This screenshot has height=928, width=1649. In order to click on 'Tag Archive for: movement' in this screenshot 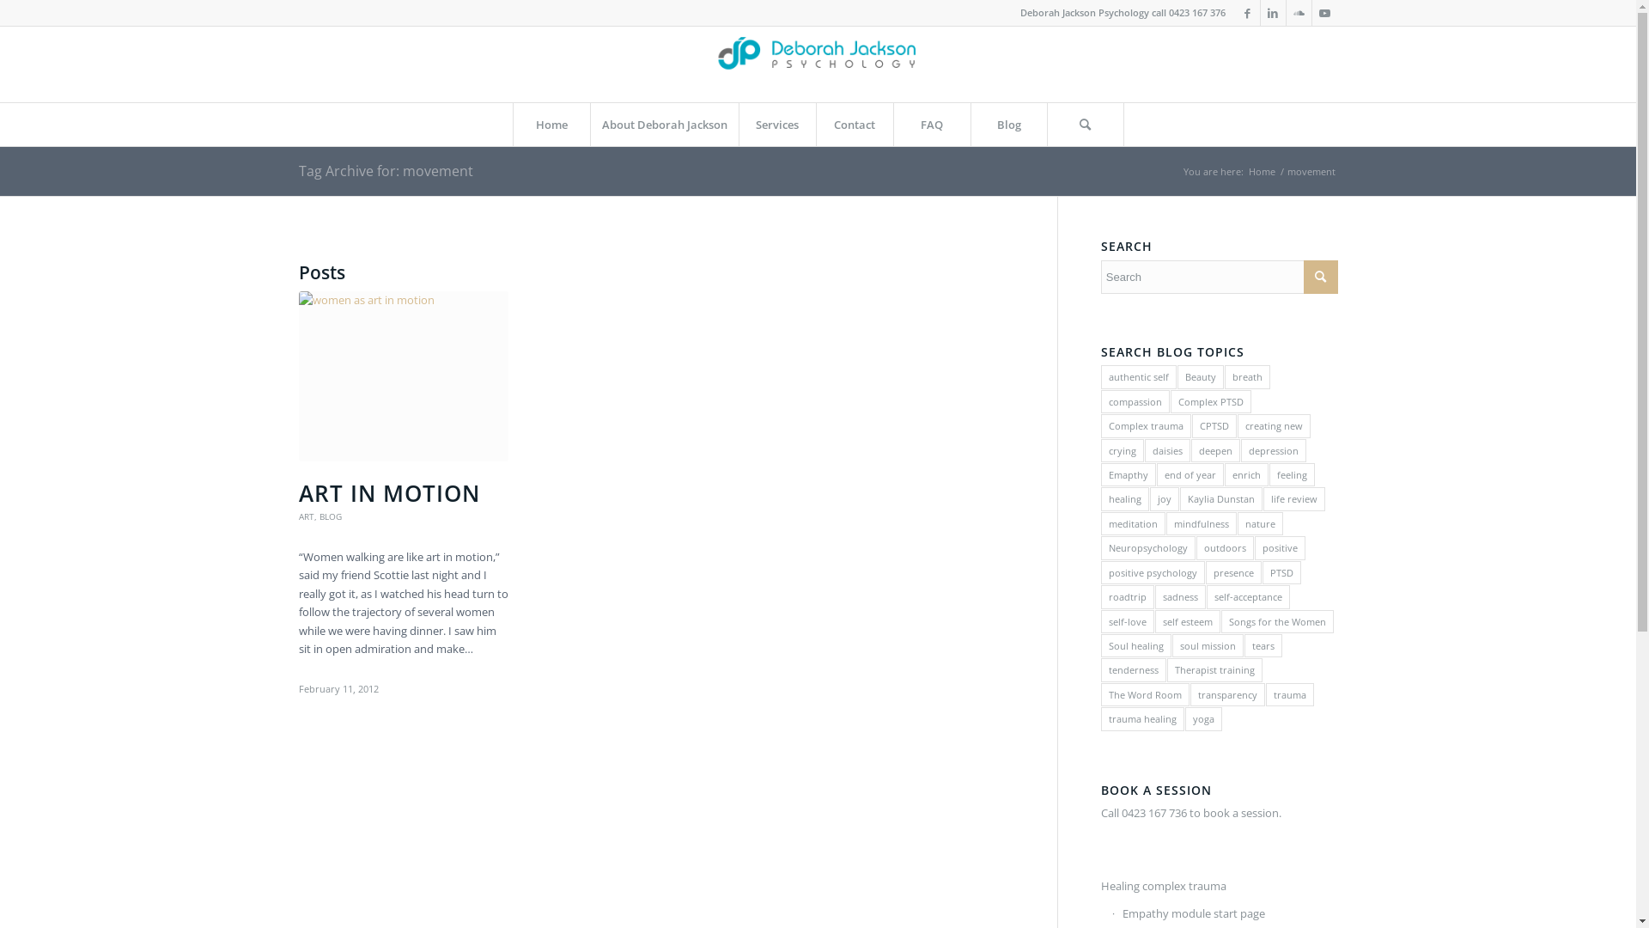, I will do `click(298, 171)`.